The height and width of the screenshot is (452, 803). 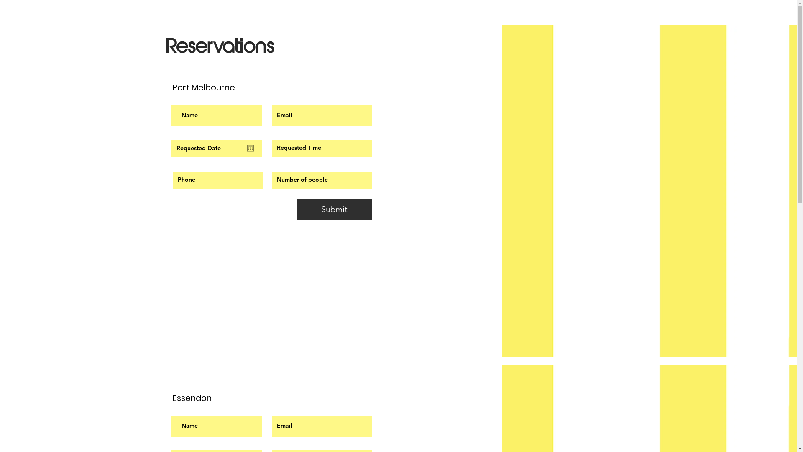 What do you see at coordinates (335, 209) in the screenshot?
I see `'Submit'` at bounding box center [335, 209].